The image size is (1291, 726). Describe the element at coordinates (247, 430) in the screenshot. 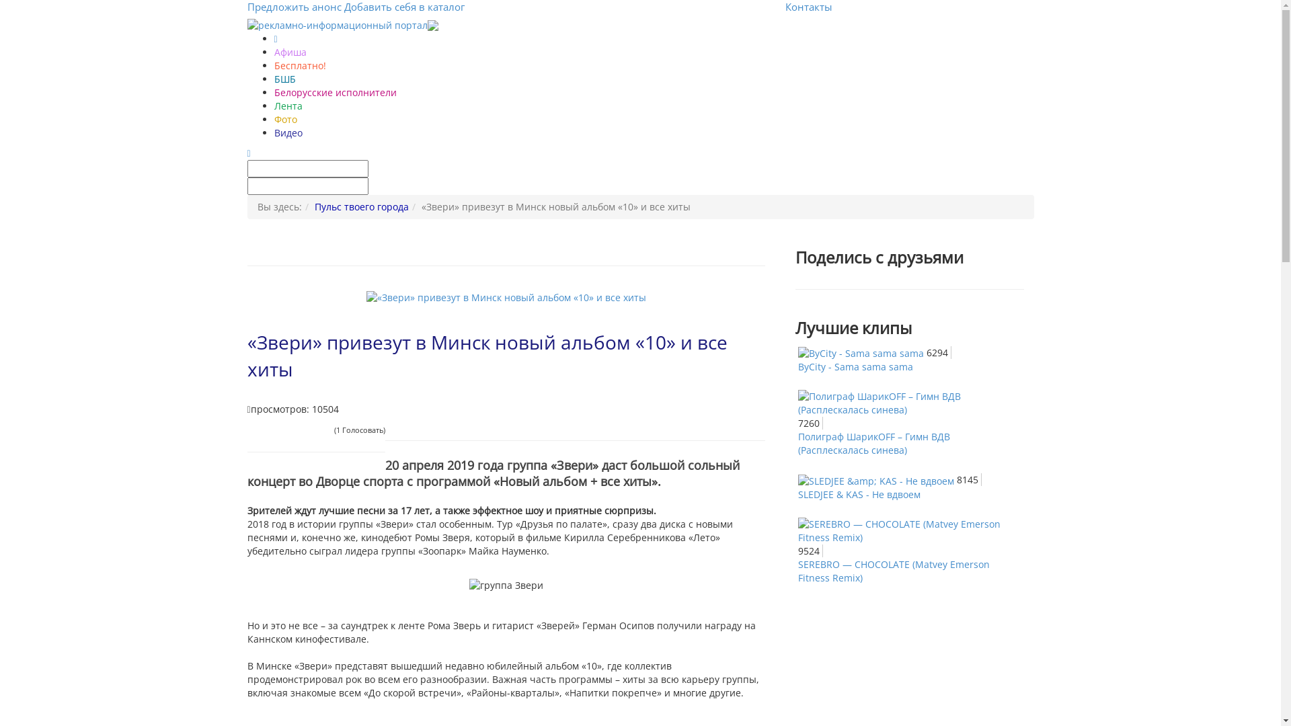

I see `'4'` at that location.